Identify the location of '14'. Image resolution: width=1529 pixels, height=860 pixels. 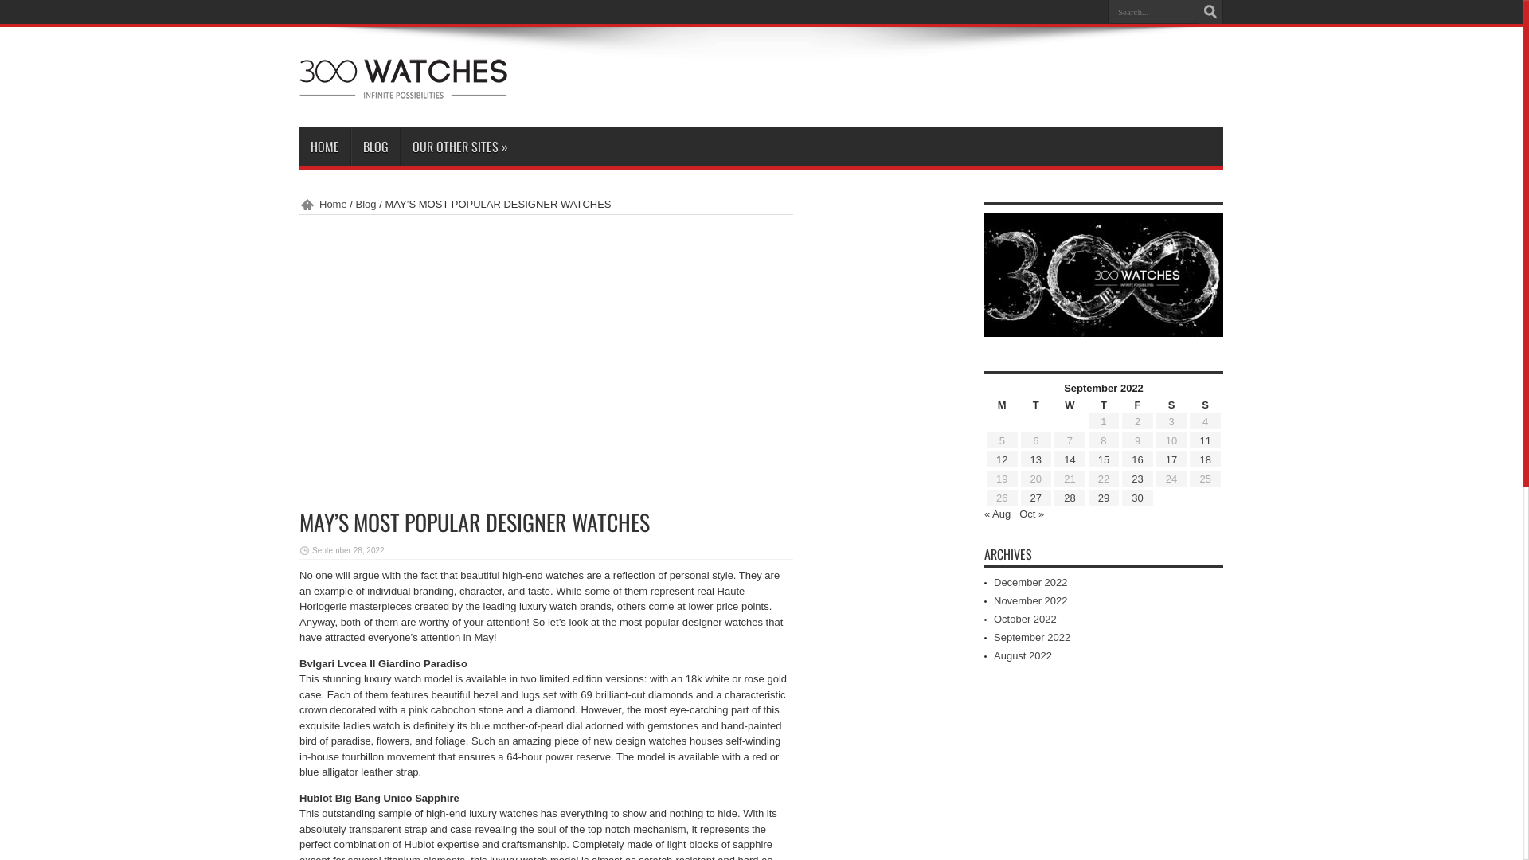
(1070, 459).